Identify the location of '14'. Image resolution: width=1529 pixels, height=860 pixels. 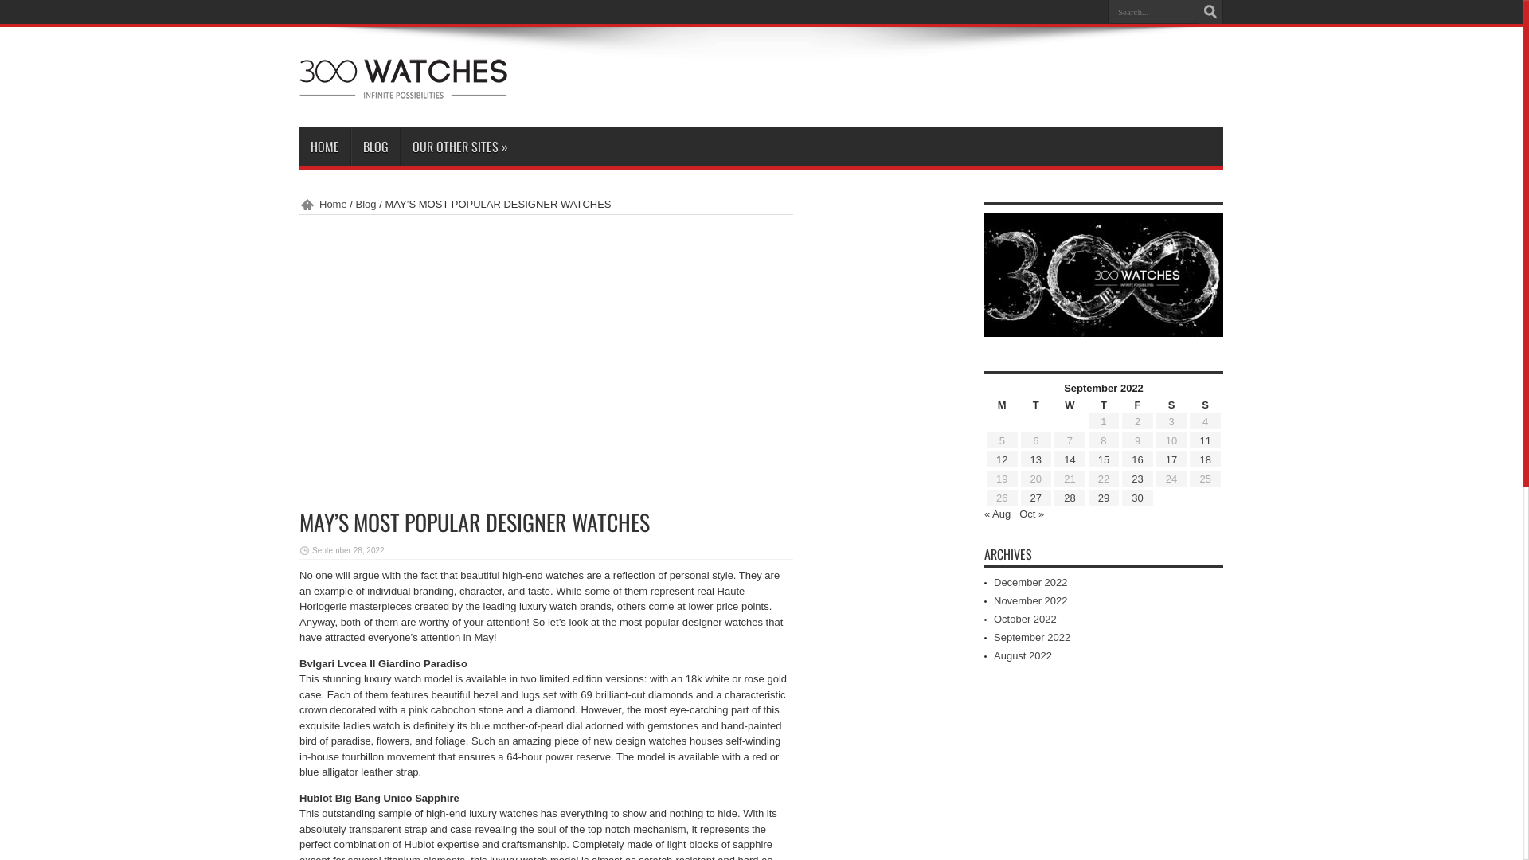
(1070, 459).